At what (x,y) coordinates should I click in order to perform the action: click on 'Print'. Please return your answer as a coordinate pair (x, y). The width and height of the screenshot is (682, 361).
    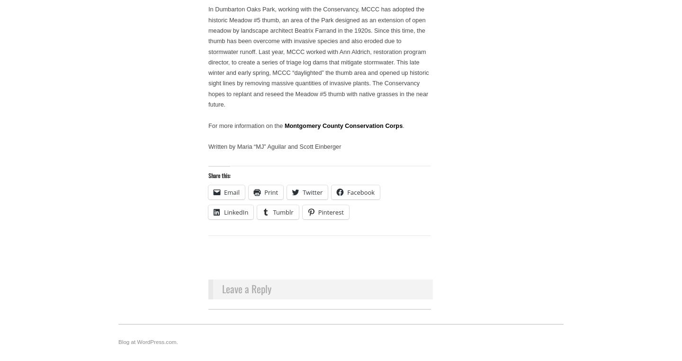
    Looking at the image, I should click on (271, 191).